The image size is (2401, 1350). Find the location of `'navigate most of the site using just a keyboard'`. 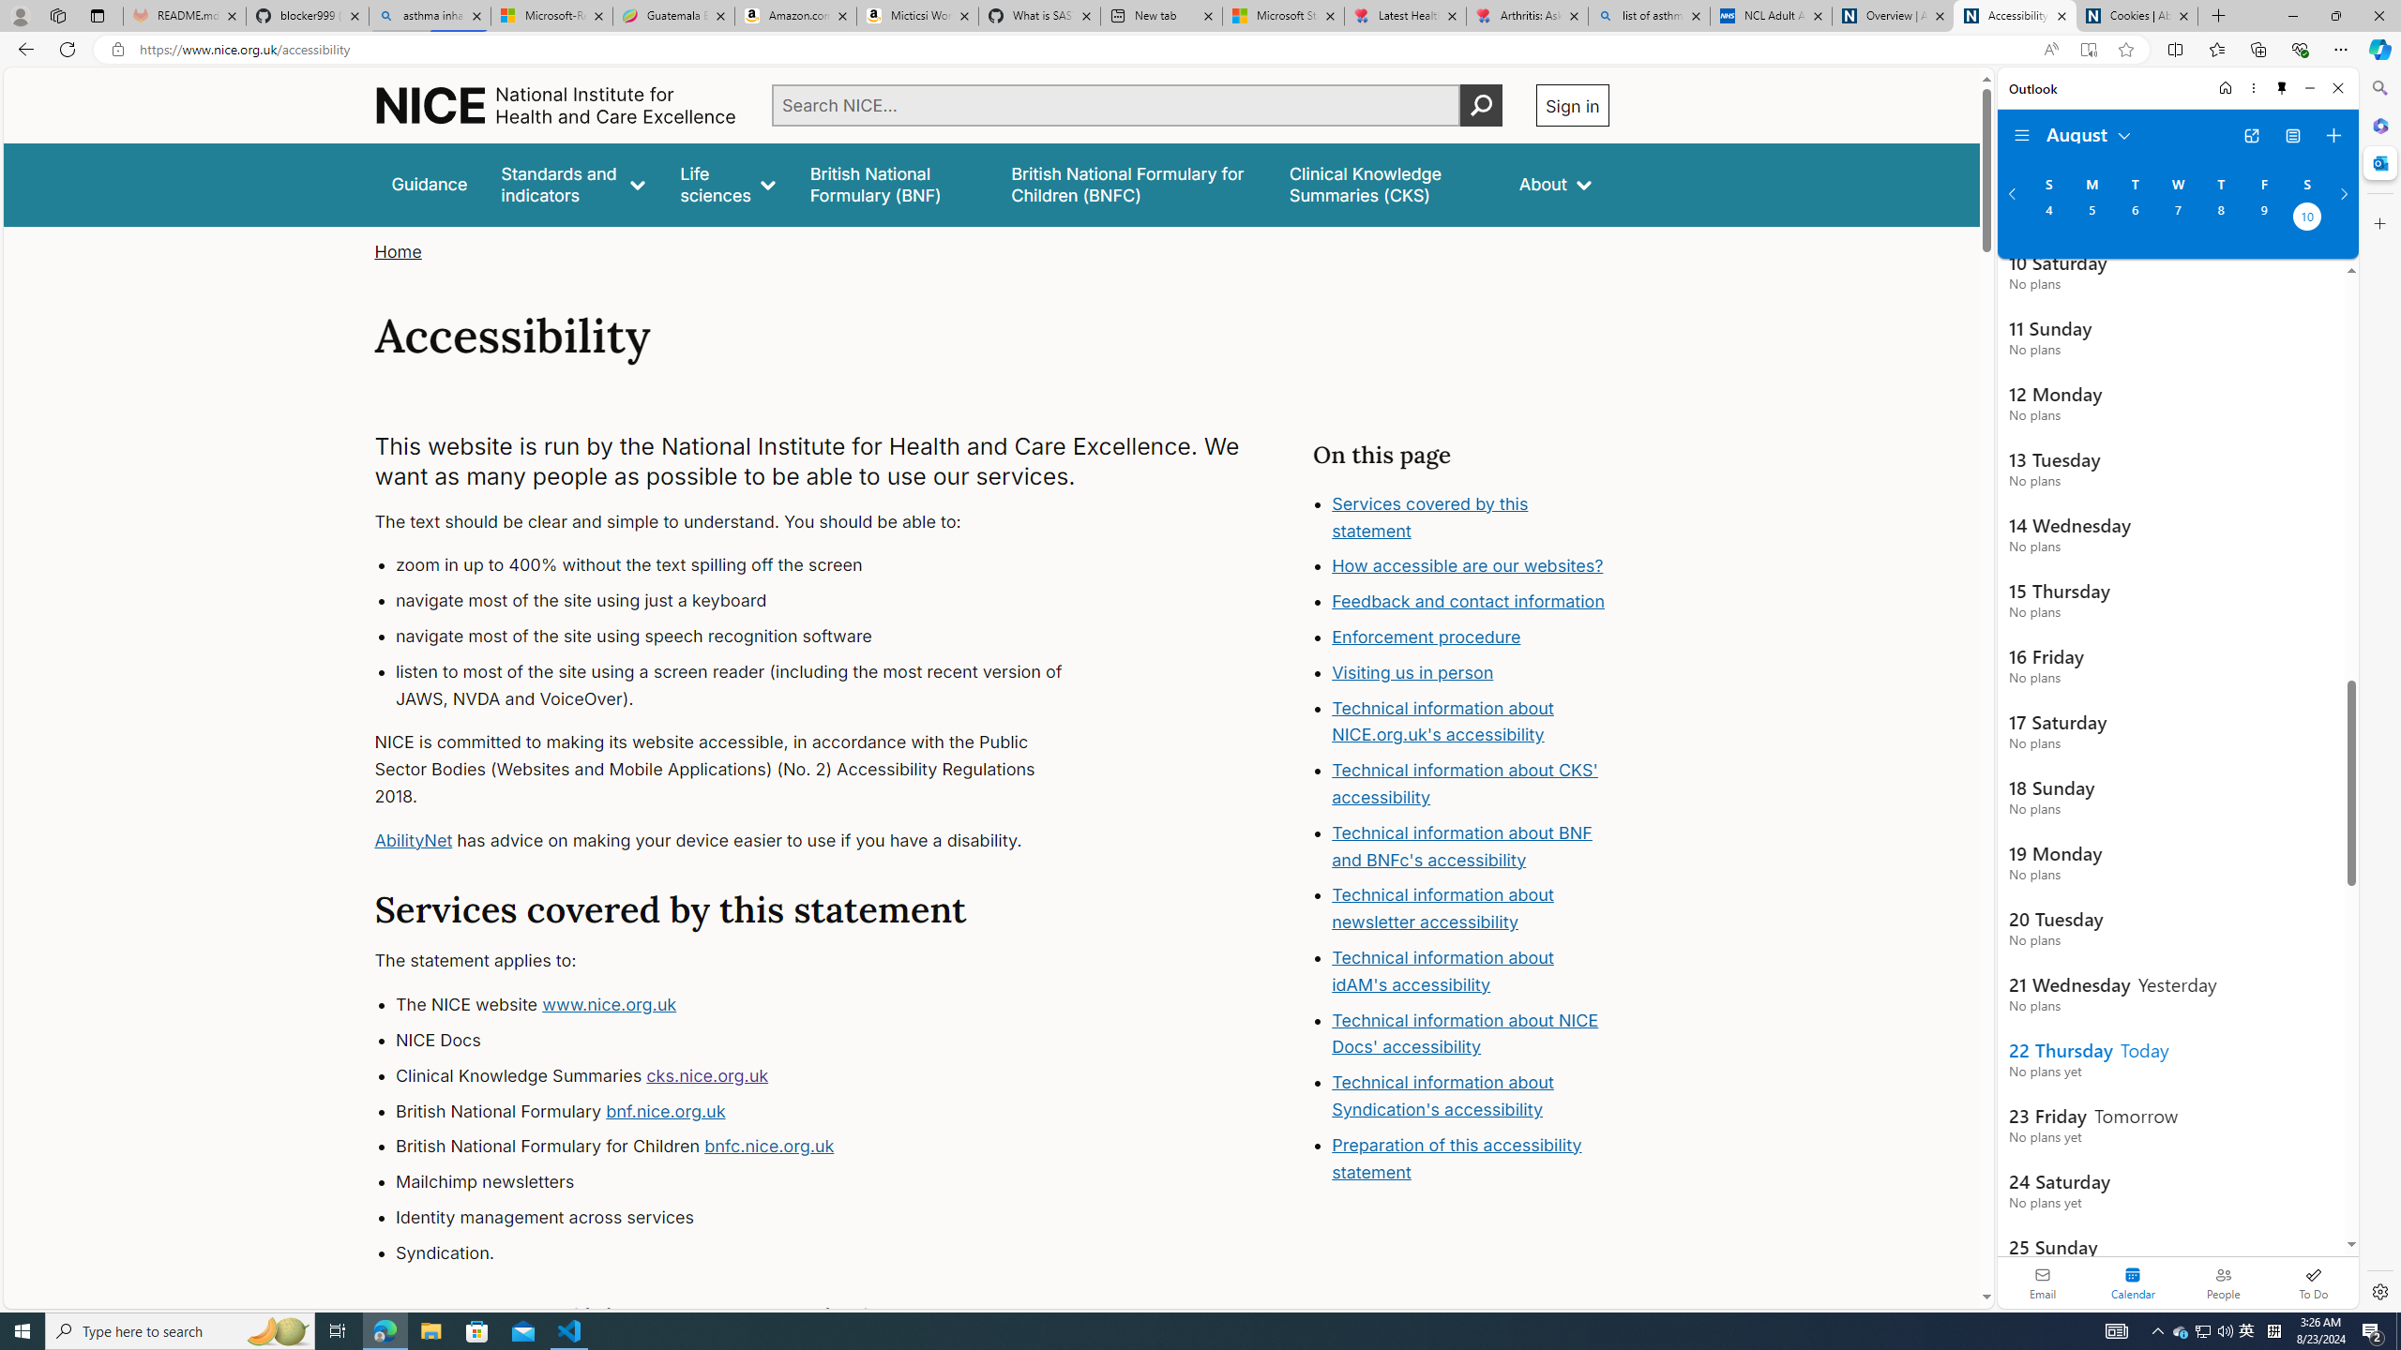

'navigate most of the site using just a keyboard' is located at coordinates (746, 600).